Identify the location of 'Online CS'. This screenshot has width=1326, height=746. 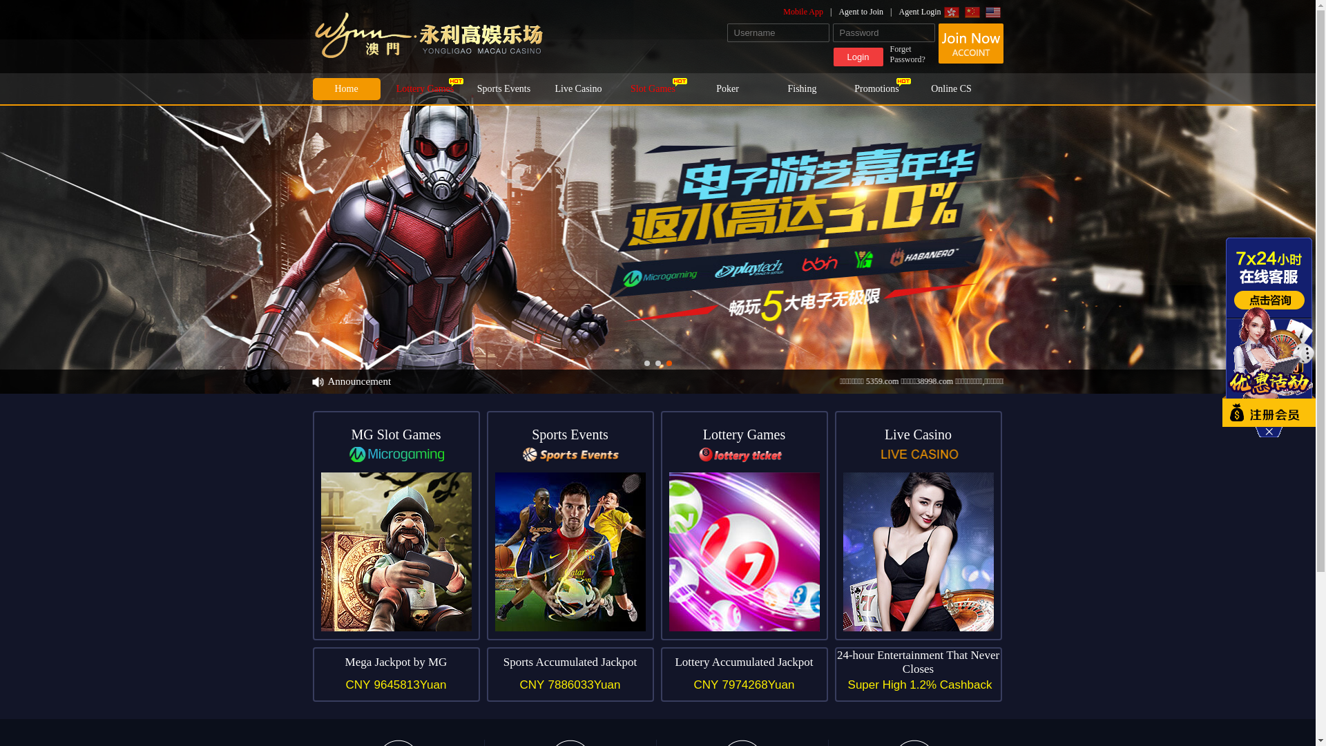
(950, 88).